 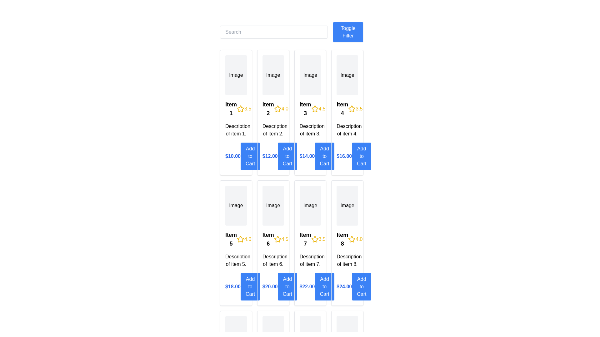 What do you see at coordinates (352, 108) in the screenshot?
I see `the star icon with a yellow fill that is the first element in the rating display for 'Item 4', located to the left of the numerical rating '3.5'` at bounding box center [352, 108].